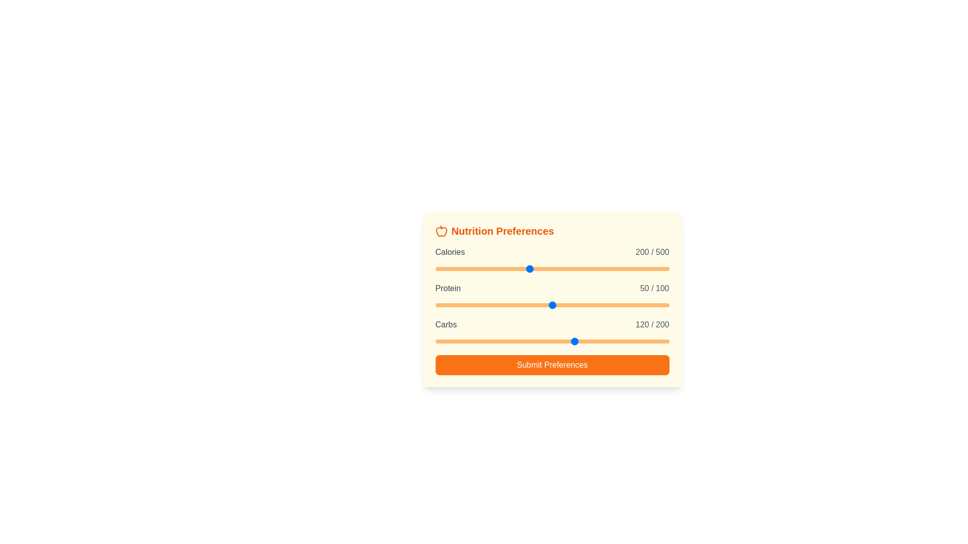 The width and height of the screenshot is (968, 544). Describe the element at coordinates (615, 304) in the screenshot. I see `the protein value` at that location.